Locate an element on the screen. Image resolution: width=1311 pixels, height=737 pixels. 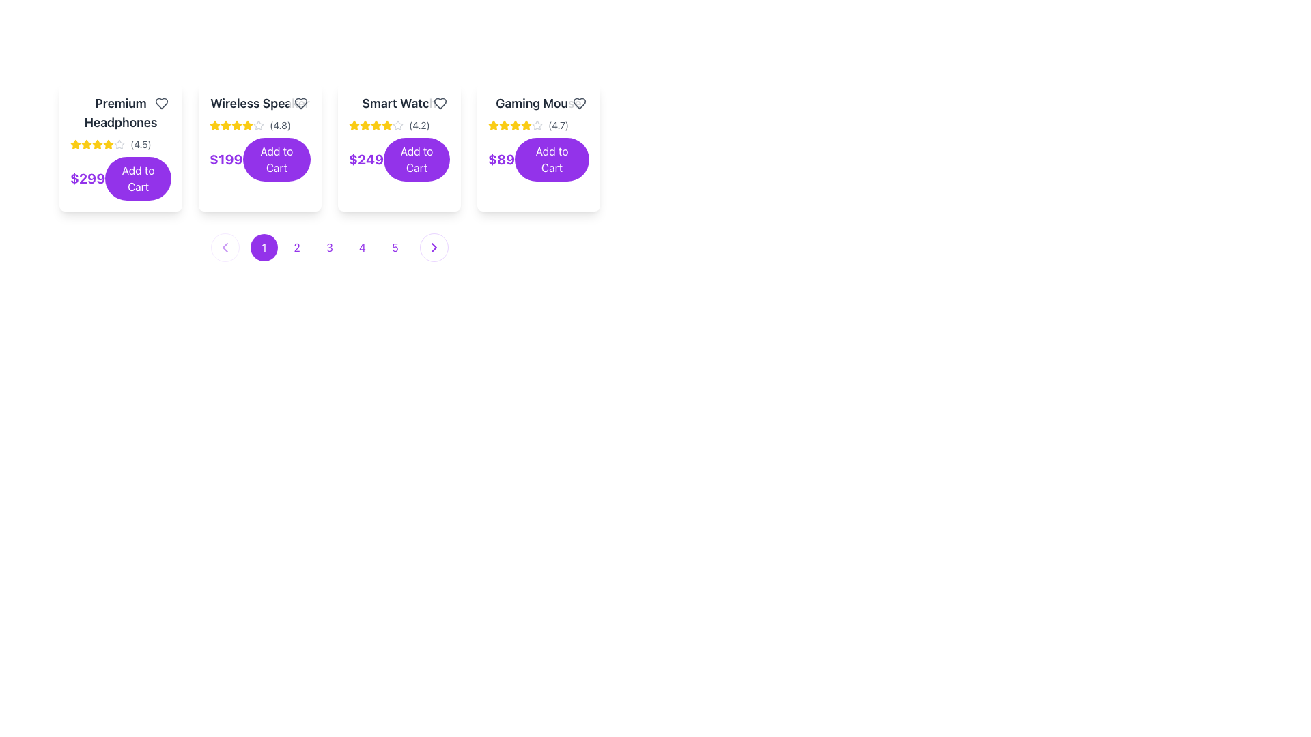
the first yellow star icon in the 'Smart Watch' card section, which is positioned above the purple 'Add to Cart' button and next to the rating text '(4.2)' is located at coordinates (354, 126).